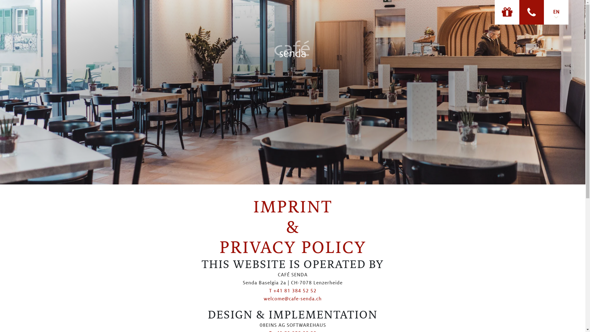 The width and height of the screenshot is (590, 332). Describe the element at coordinates (556, 12) in the screenshot. I see `'EN'` at that location.